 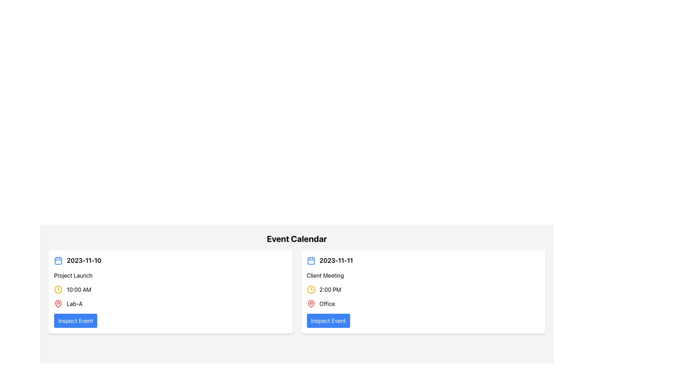 What do you see at coordinates (72, 289) in the screenshot?
I see `the Time display with icon located within the first event card, positioned under the date and event title, and above the location information` at bounding box center [72, 289].